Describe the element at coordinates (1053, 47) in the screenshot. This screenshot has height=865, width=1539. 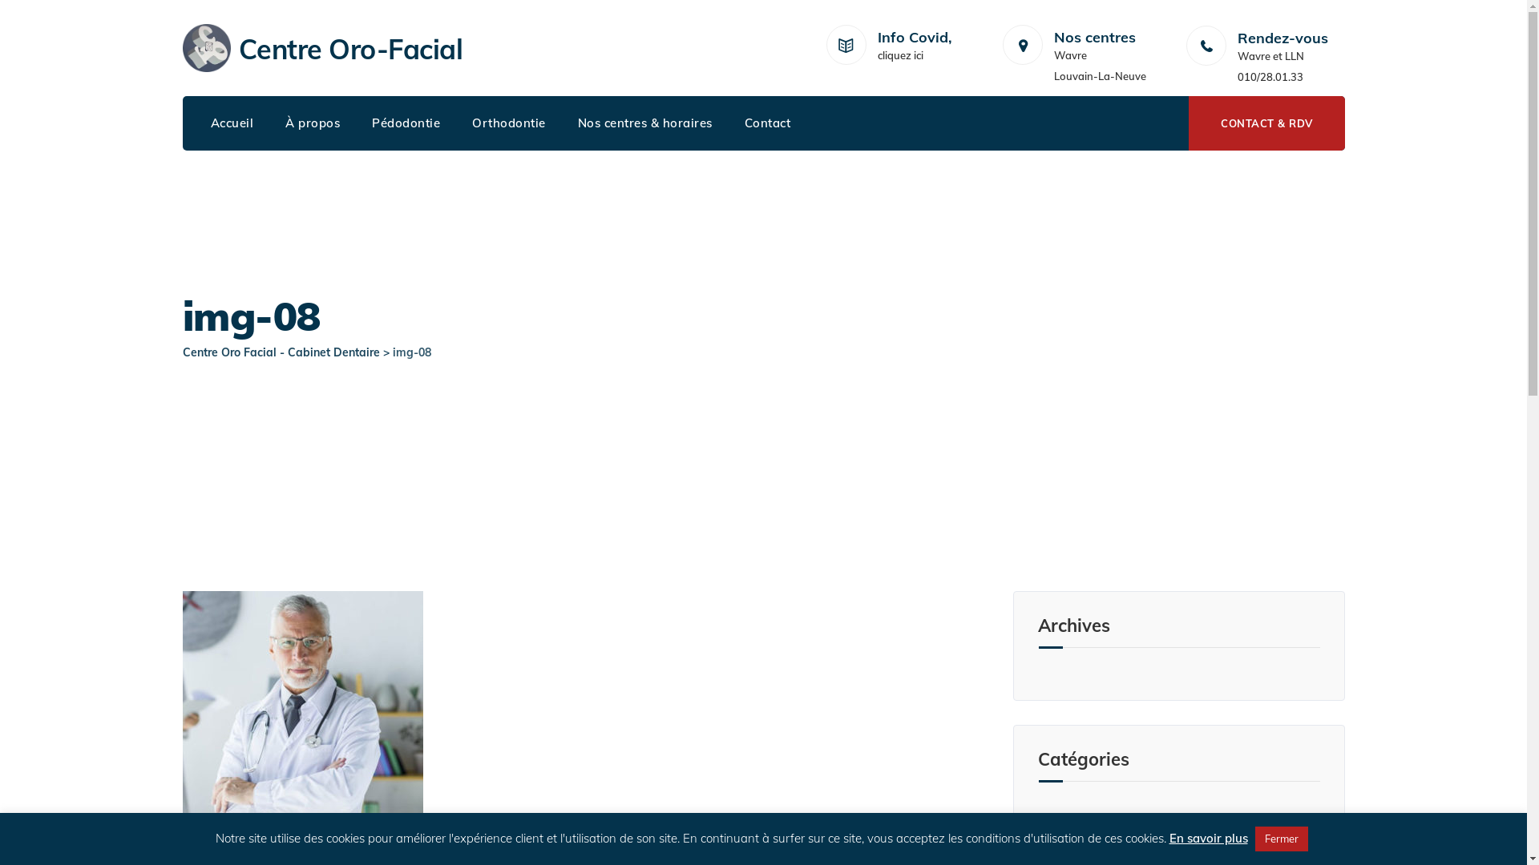
I see `'Nos centres` at that location.